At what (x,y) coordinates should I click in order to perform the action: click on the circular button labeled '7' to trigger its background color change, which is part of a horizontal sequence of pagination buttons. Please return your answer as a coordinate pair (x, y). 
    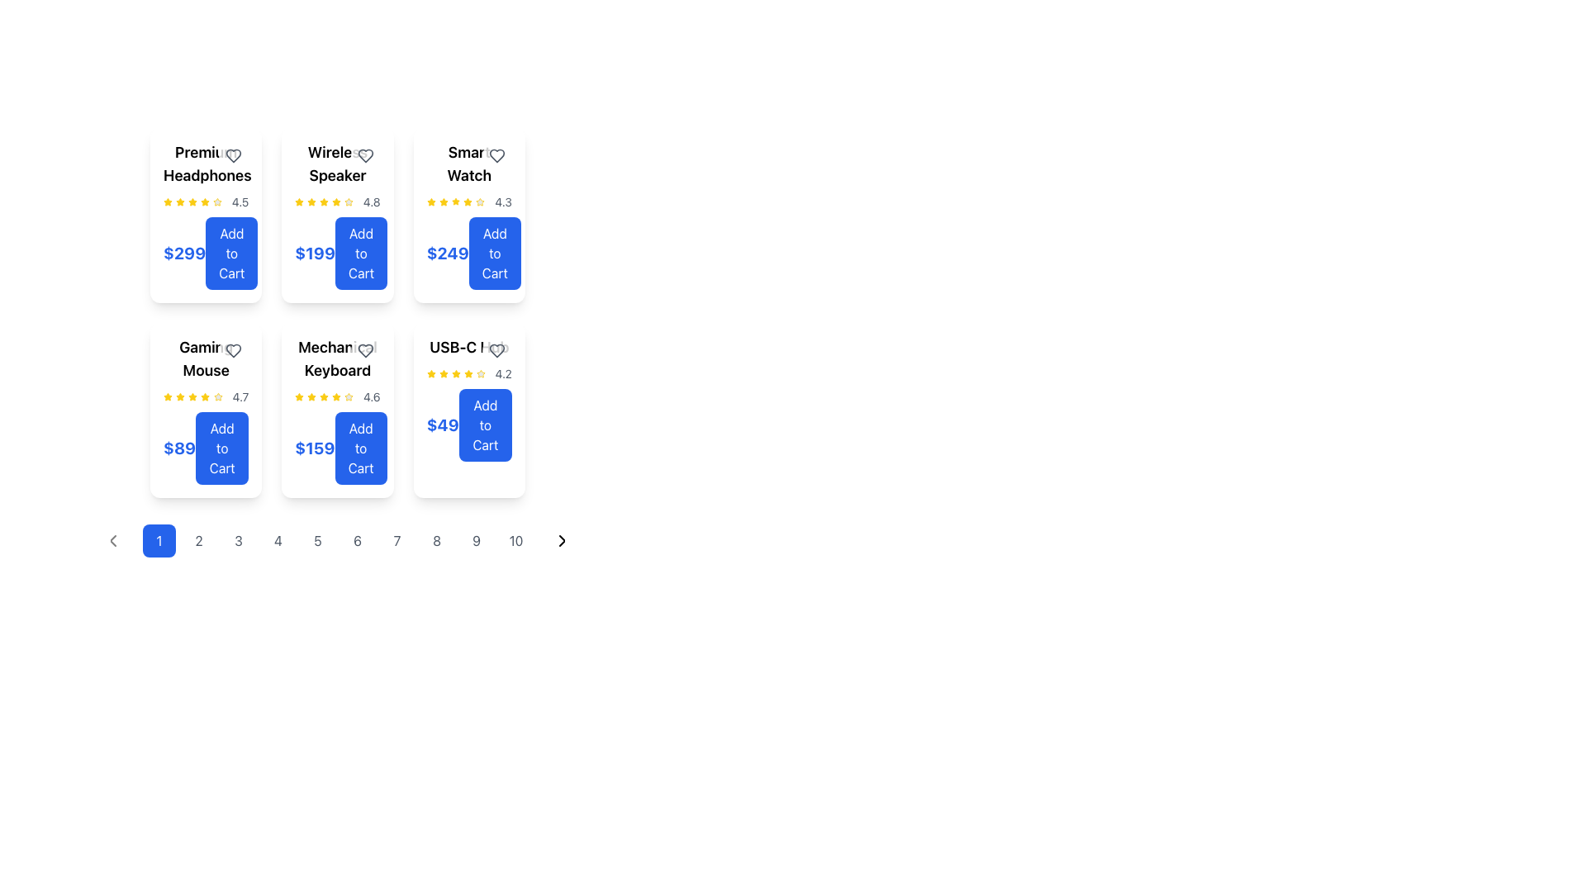
    Looking at the image, I should click on (396, 541).